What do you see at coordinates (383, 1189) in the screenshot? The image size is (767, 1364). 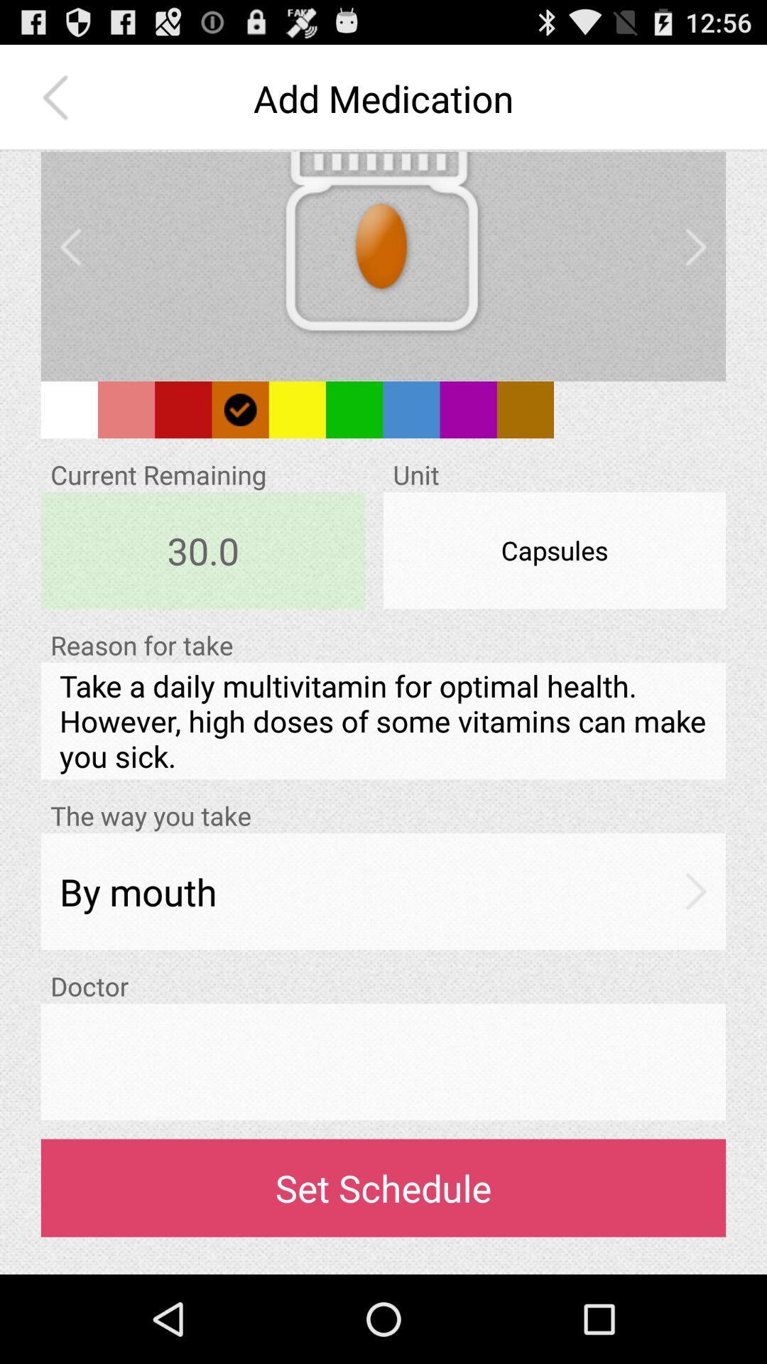 I see `the bottom button` at bounding box center [383, 1189].